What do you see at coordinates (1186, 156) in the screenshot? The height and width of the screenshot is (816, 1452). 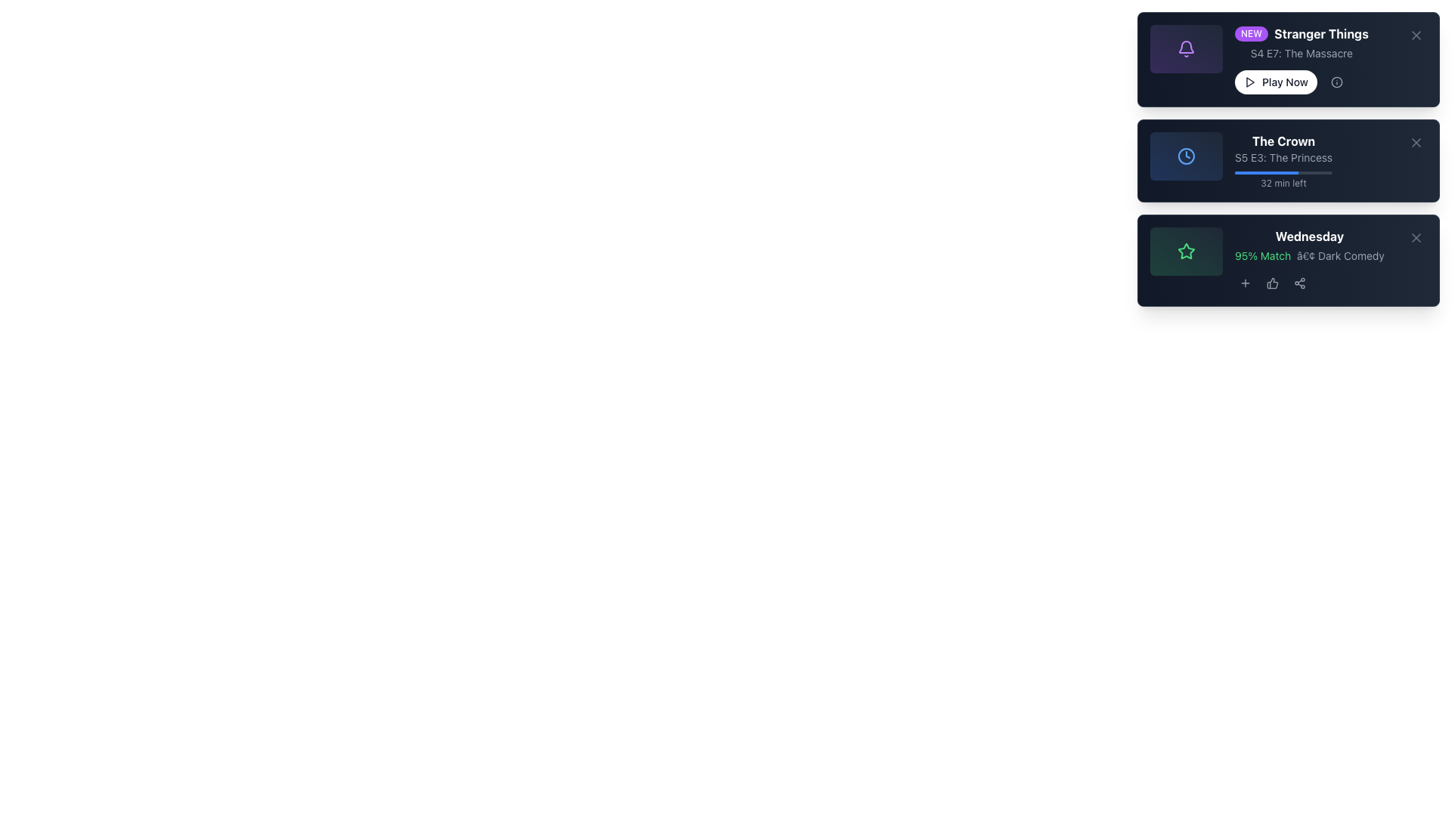 I see `the circular icon with a blue outline representing timing within the second notification card titled 'The Crown'` at bounding box center [1186, 156].